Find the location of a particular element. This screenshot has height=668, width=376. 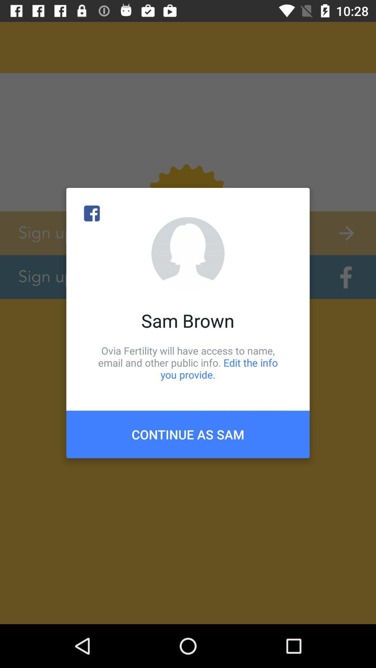

item below sam brown is located at coordinates (188, 362).